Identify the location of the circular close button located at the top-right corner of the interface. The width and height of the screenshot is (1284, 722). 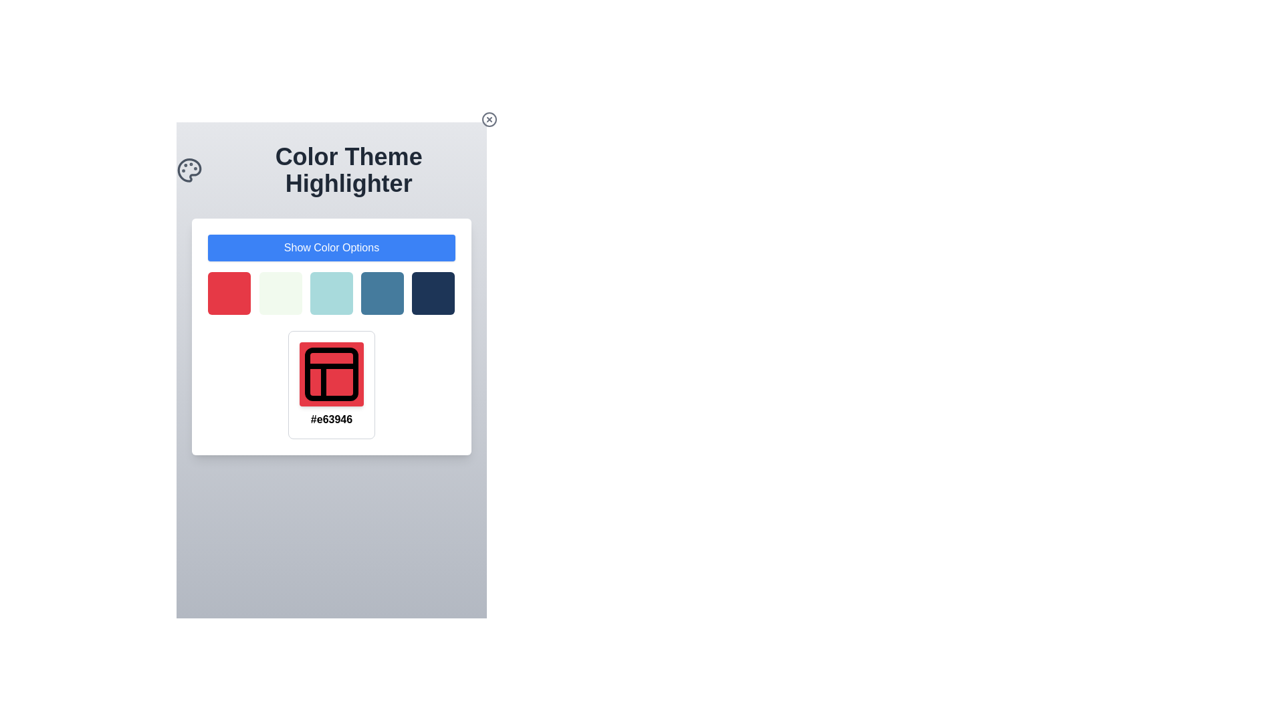
(488, 118).